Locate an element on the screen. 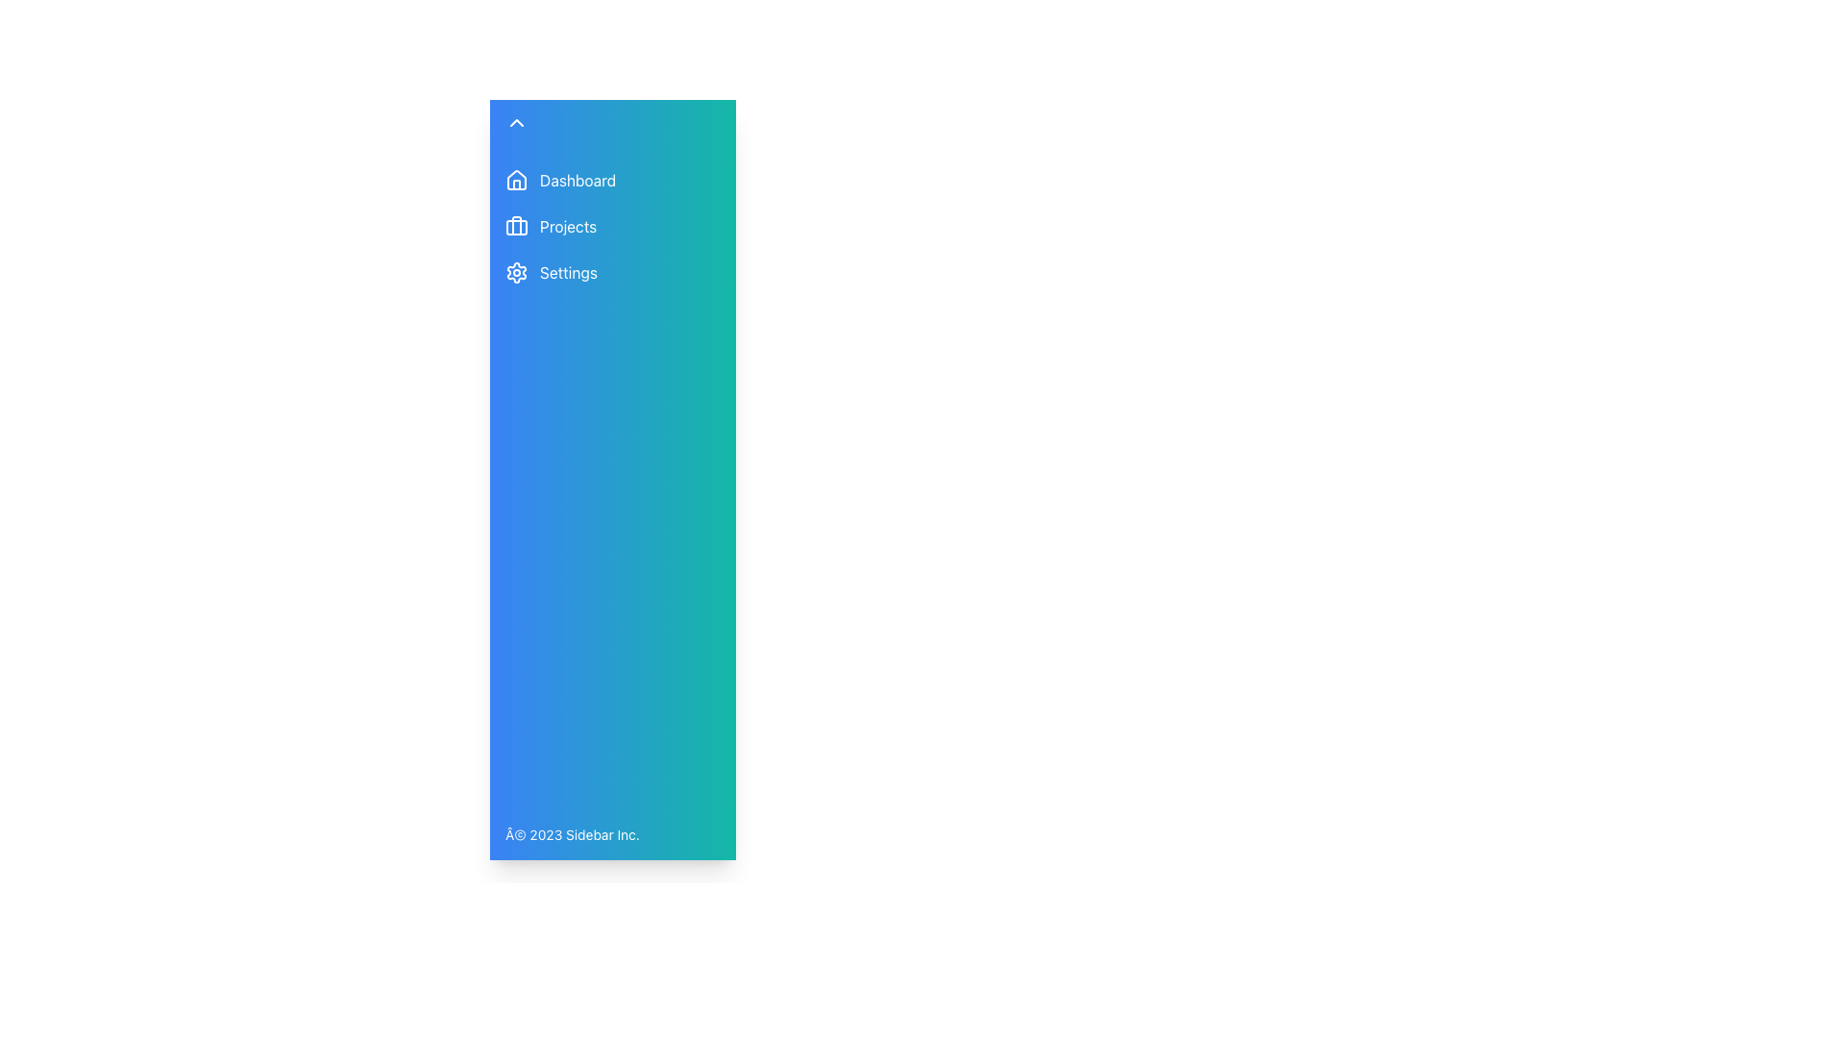  the rectangular shape of the briefcase icon in the sidebar menu, located near the 'Projects' label is located at coordinates (516, 226).